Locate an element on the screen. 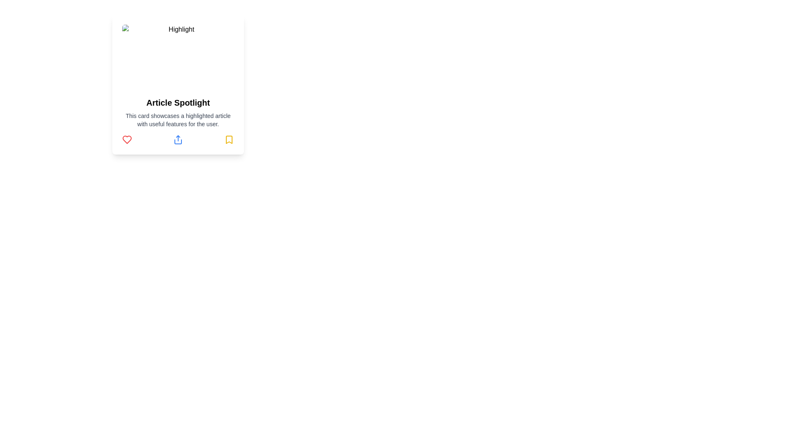 Image resolution: width=790 pixels, height=444 pixels. the heart-shaped icon button with a red fill and border, located at the bottom-left corner of the white card interface is located at coordinates (126, 139).